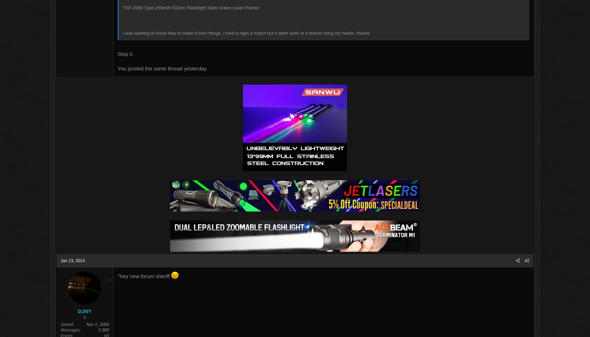  Describe the element at coordinates (155, 276) in the screenshot. I see `'^hey new forum sheriff'` at that location.